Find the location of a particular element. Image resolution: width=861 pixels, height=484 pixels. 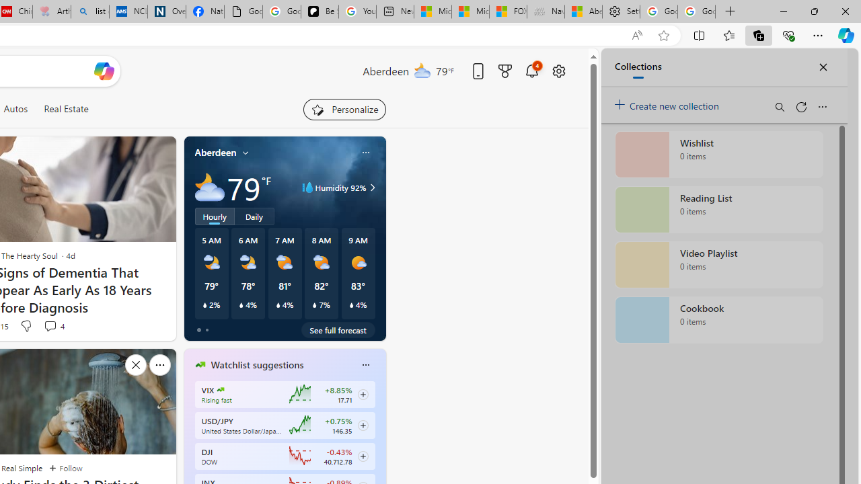

'CBOE Market Volatility Index' is located at coordinates (221, 389).